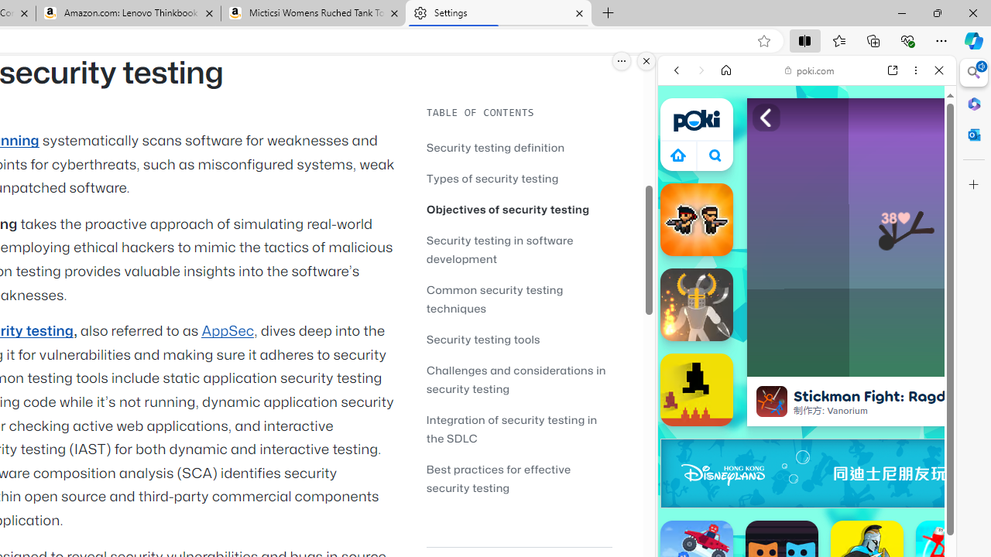 This screenshot has width=991, height=557. What do you see at coordinates (499, 477) in the screenshot?
I see `'Best practices for effective security testing'` at bounding box center [499, 477].